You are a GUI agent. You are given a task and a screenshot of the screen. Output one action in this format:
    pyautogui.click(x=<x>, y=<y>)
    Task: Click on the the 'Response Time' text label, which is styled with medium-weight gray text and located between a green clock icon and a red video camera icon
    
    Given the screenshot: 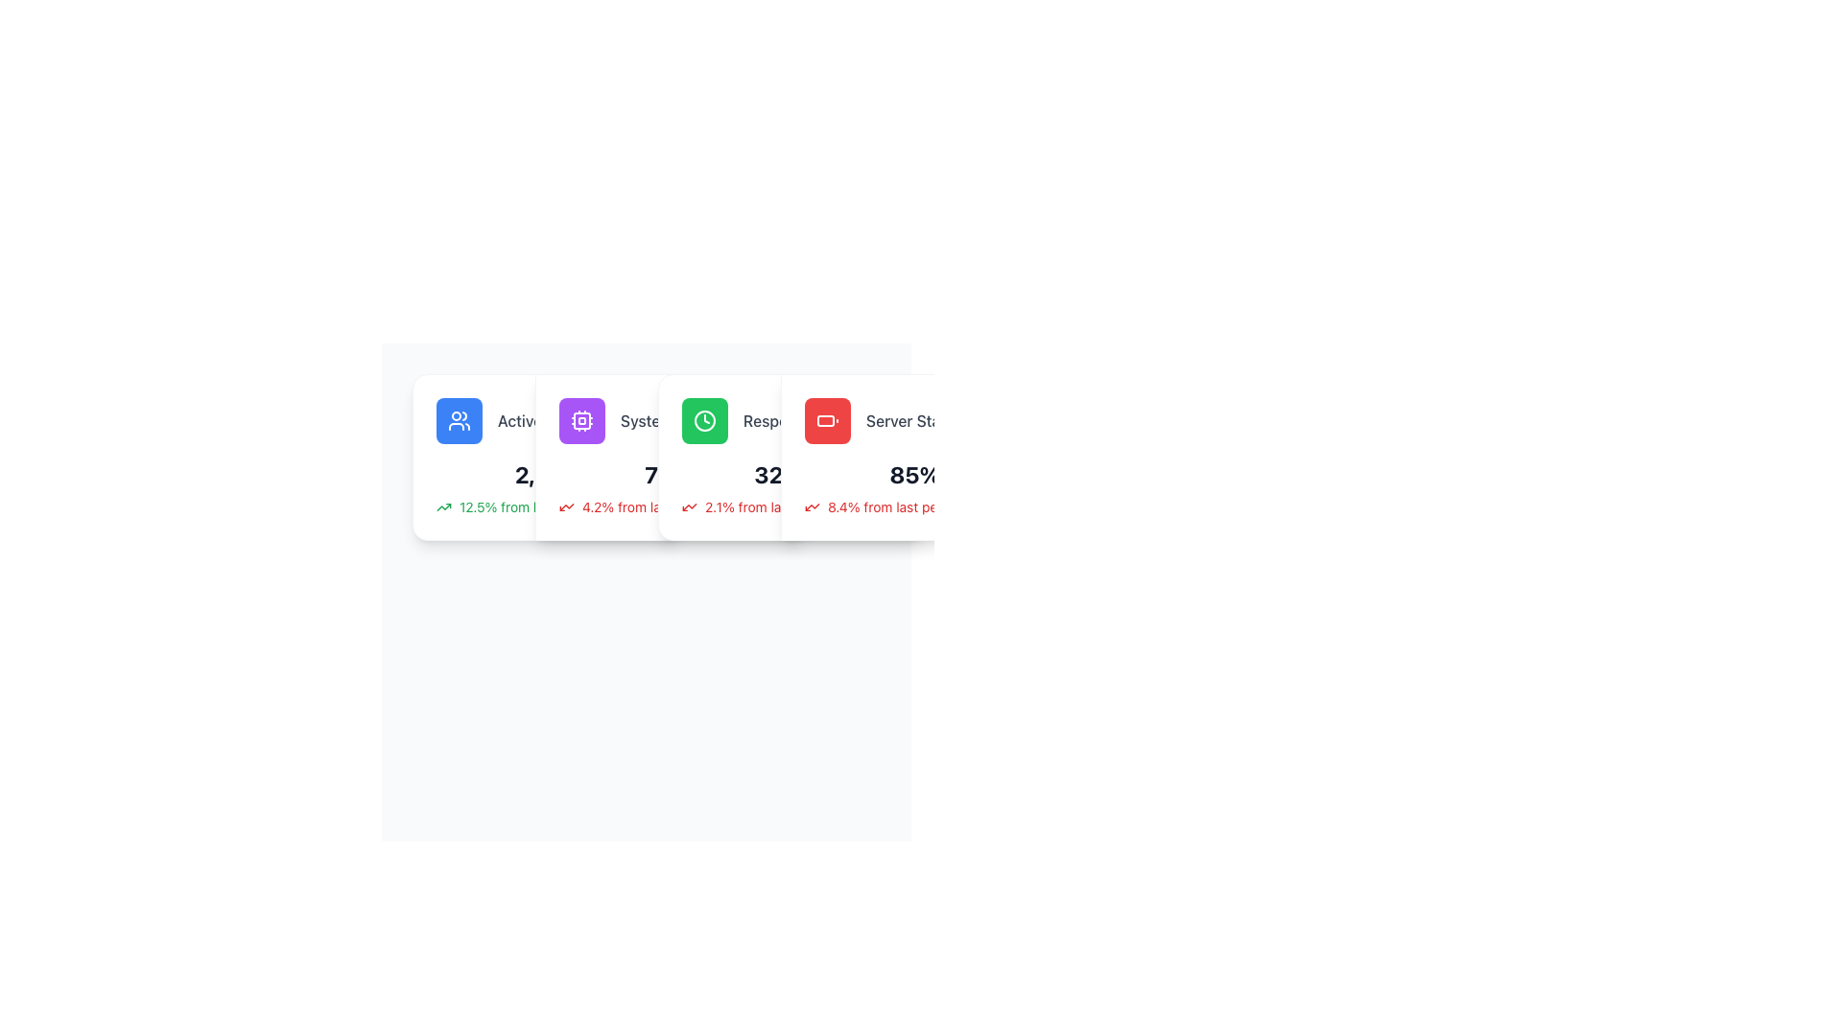 What is the action you would take?
    pyautogui.click(x=797, y=420)
    